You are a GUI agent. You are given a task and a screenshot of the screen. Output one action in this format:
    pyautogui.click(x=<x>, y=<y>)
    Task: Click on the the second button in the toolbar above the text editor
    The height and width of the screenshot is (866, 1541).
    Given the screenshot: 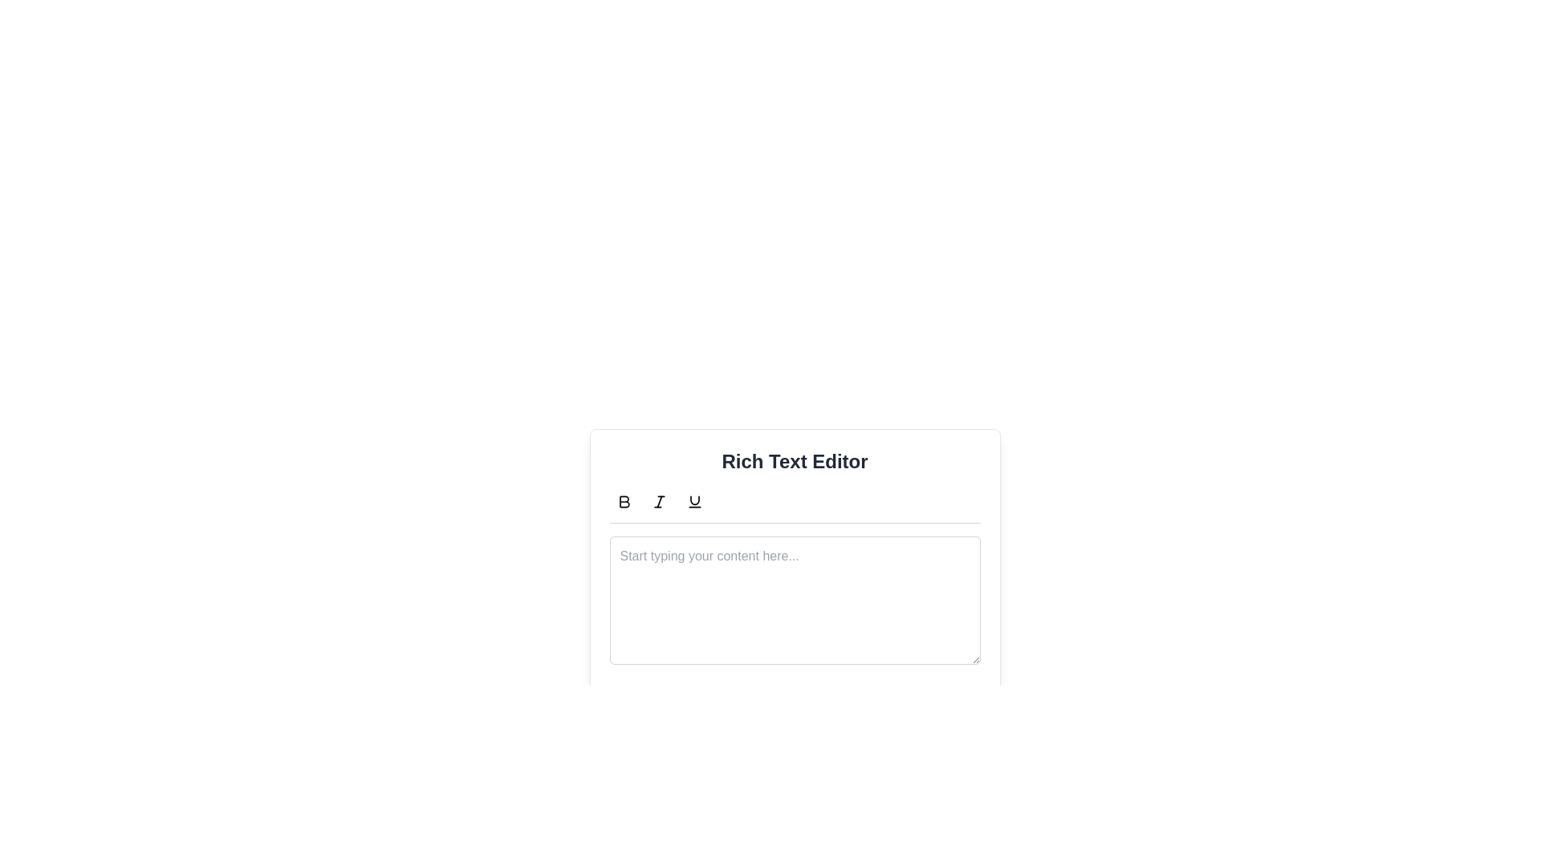 What is the action you would take?
    pyautogui.click(x=659, y=500)
    